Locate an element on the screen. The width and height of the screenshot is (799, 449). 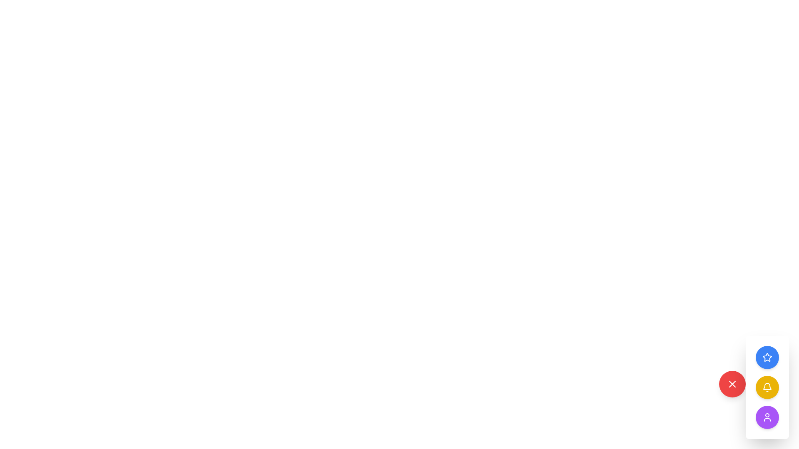
the star-shaped icon within the blue circular button located at the top of the vertical button list is located at coordinates (767, 357).